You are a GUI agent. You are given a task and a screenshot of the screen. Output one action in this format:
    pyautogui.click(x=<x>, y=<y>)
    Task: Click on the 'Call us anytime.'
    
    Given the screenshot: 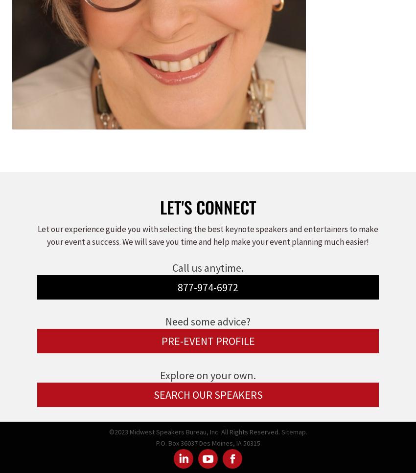 What is the action you would take?
    pyautogui.click(x=208, y=267)
    